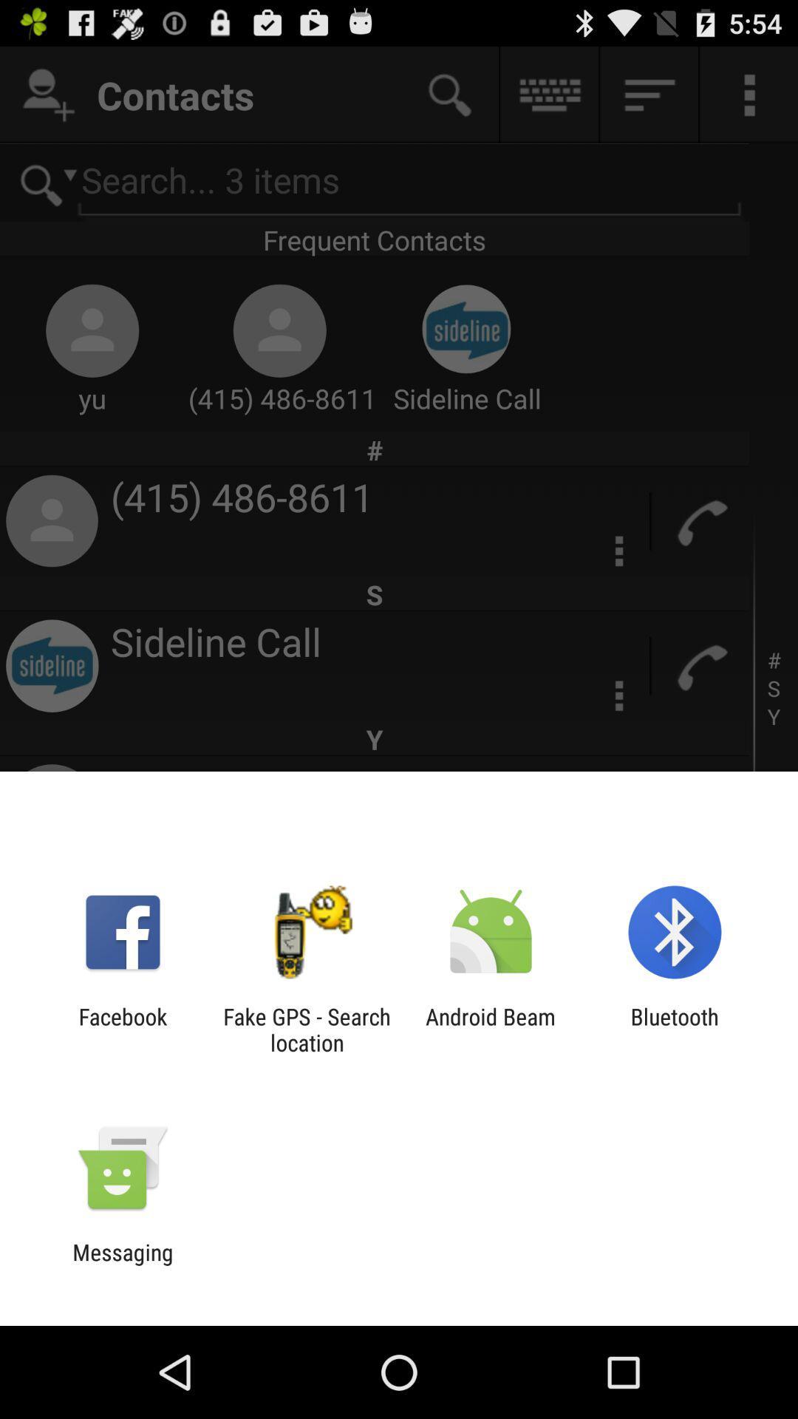 This screenshot has height=1419, width=798. Describe the element at coordinates (306, 1029) in the screenshot. I see `item to the left of the android beam icon` at that location.